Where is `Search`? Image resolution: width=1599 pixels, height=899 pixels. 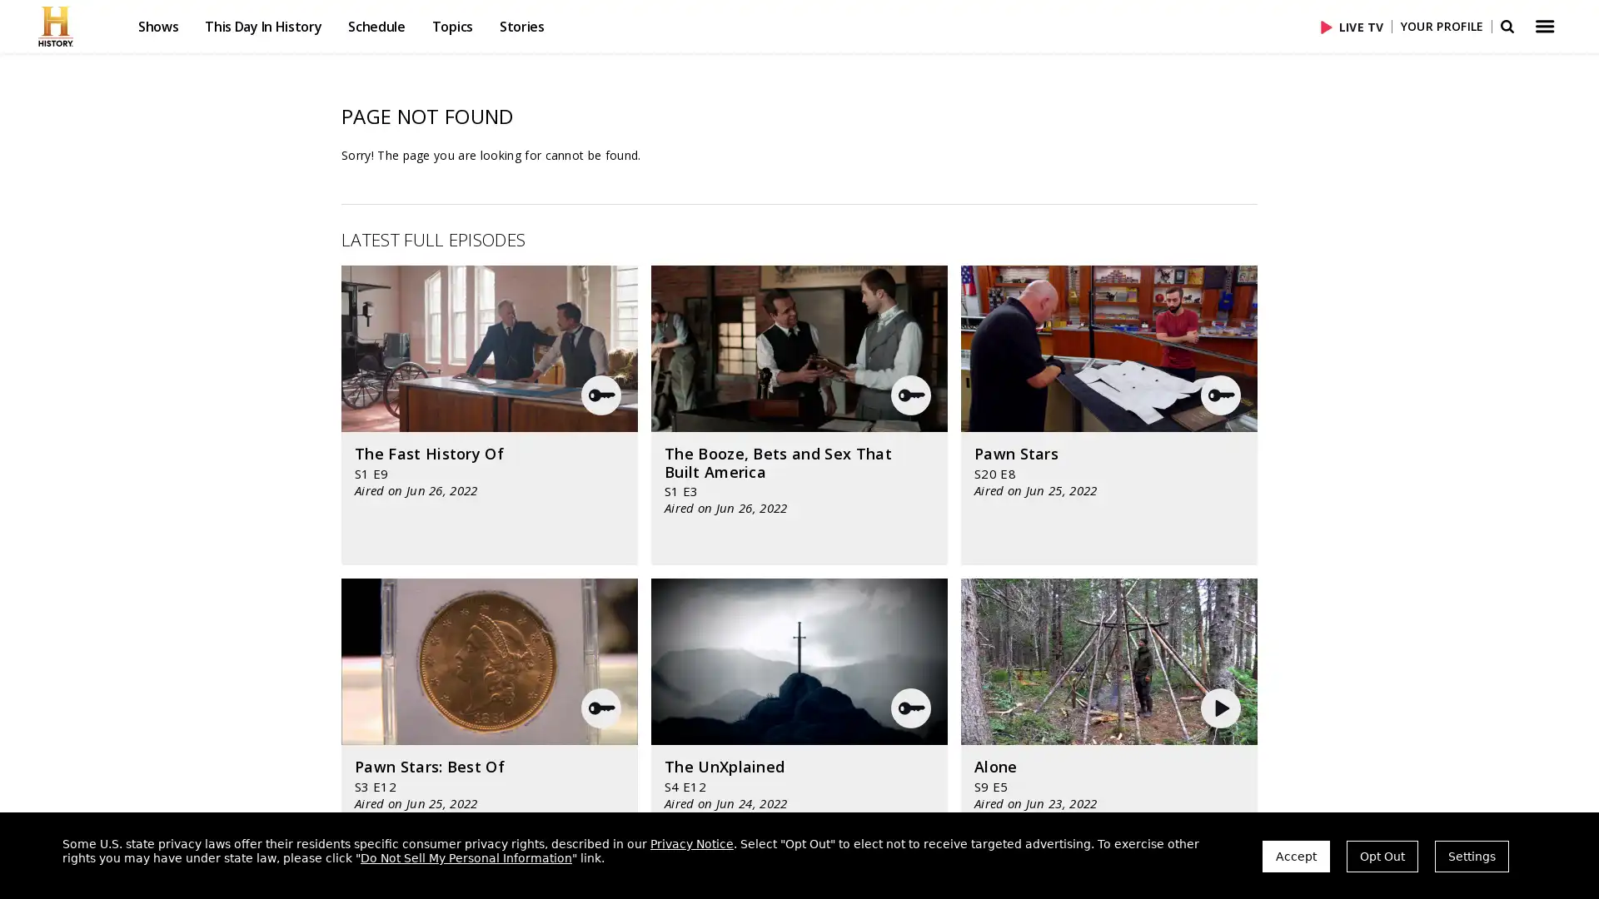
Search is located at coordinates (1506, 26).